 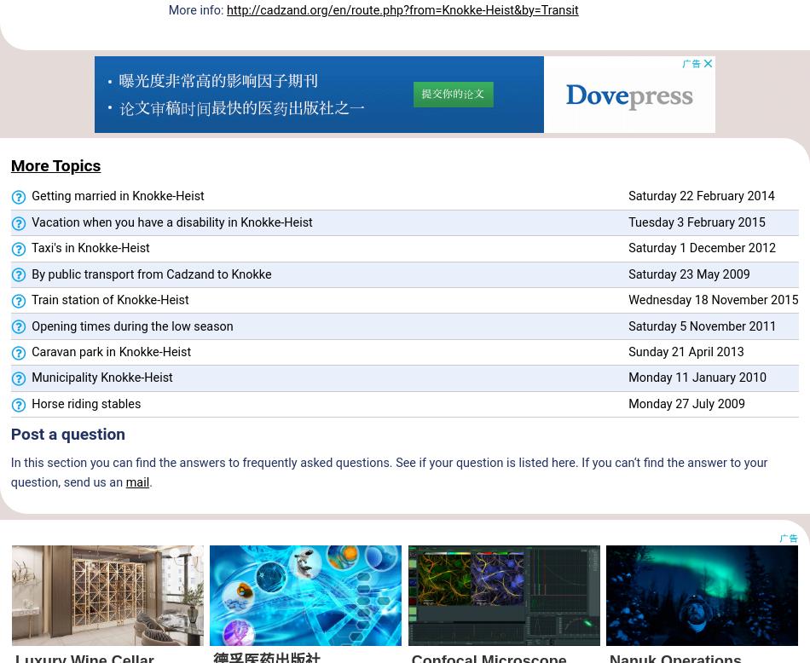 I want to click on '.', so click(x=150, y=481).